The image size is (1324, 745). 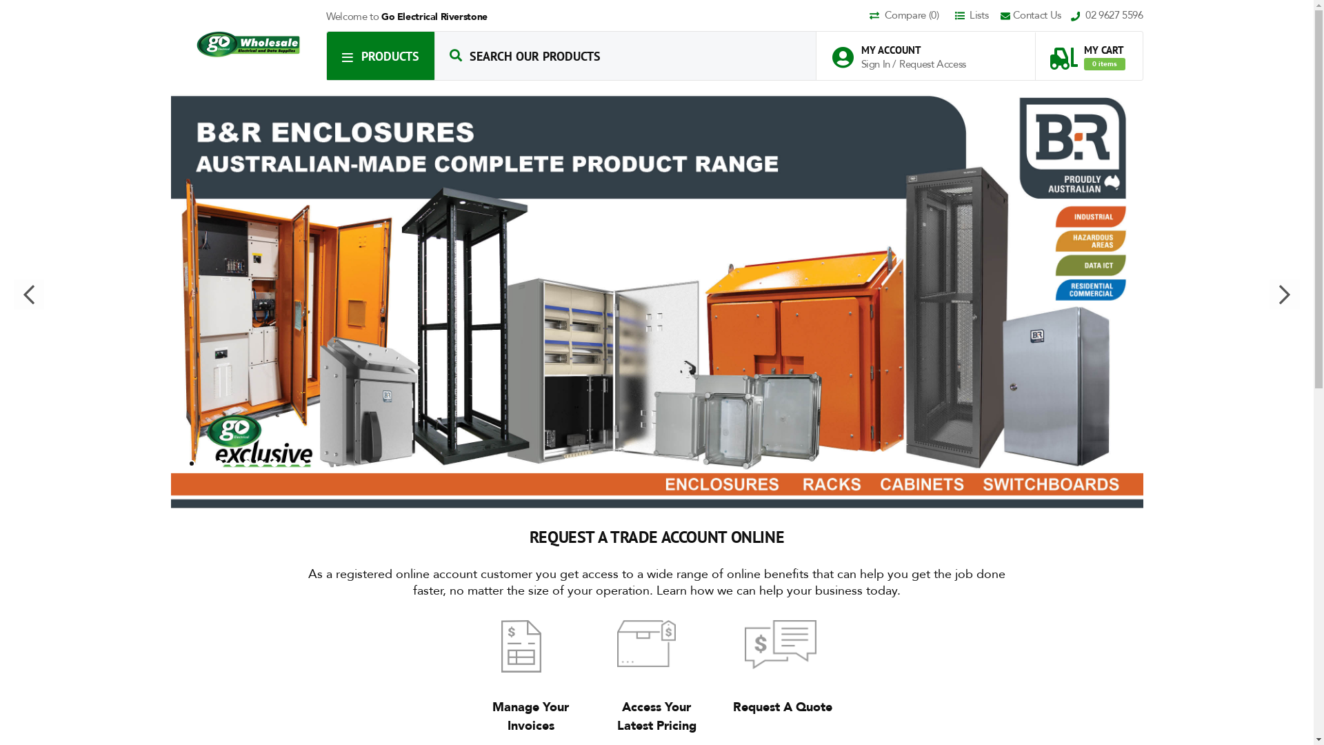 I want to click on '02 9627 5596', so click(x=1107, y=16).